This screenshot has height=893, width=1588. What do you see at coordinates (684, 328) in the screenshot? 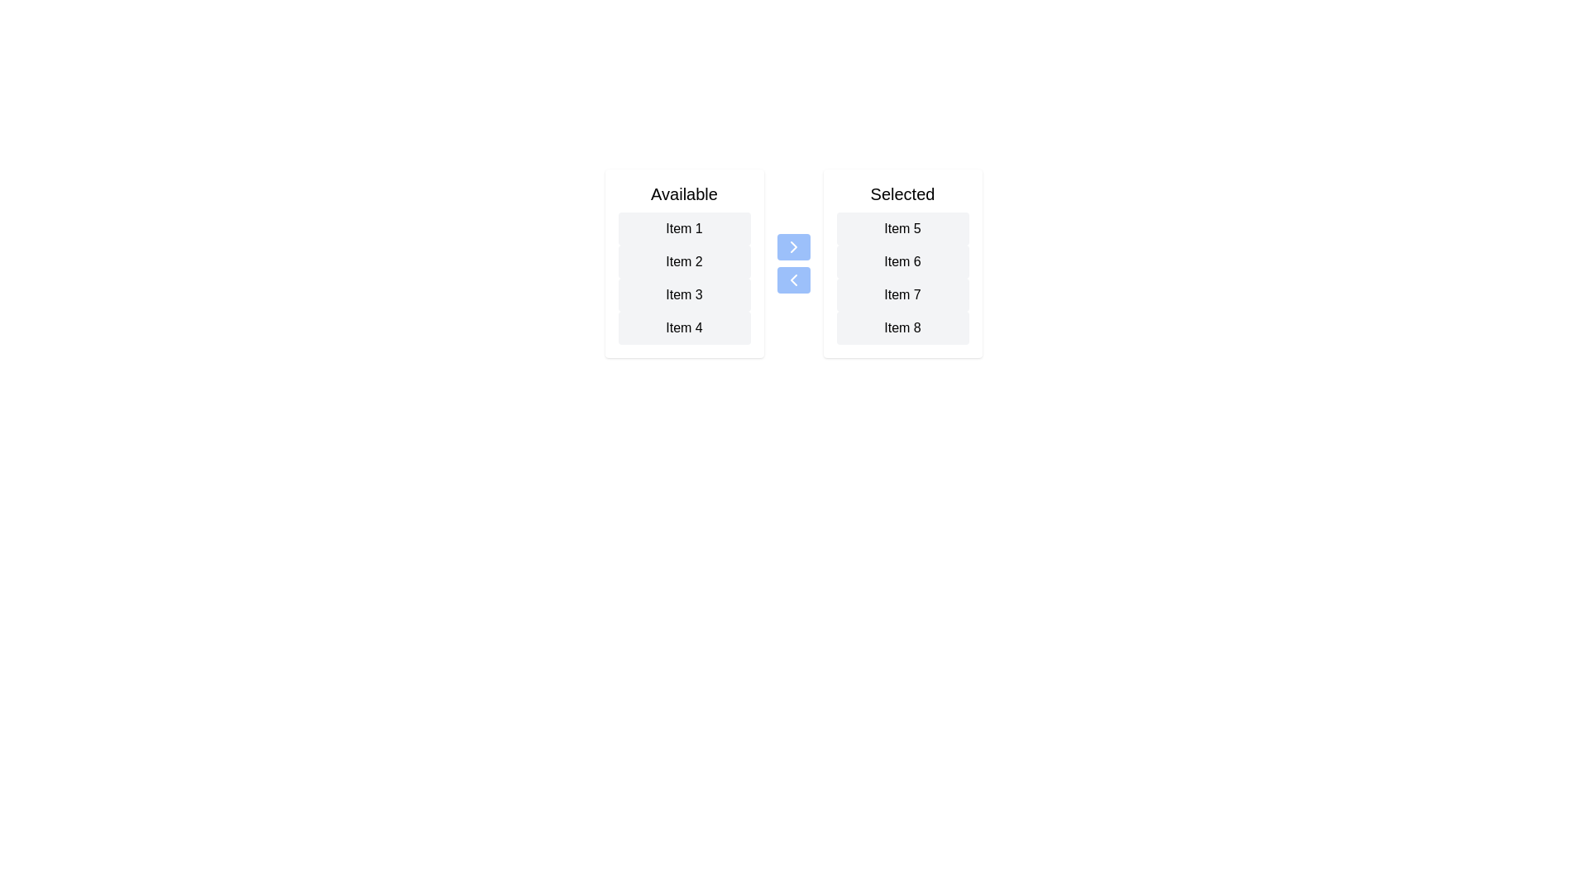
I see `the List Item element labeled 'Item 4', which is the fourth item in the 'Available' list, located on the left side of the interface` at bounding box center [684, 328].